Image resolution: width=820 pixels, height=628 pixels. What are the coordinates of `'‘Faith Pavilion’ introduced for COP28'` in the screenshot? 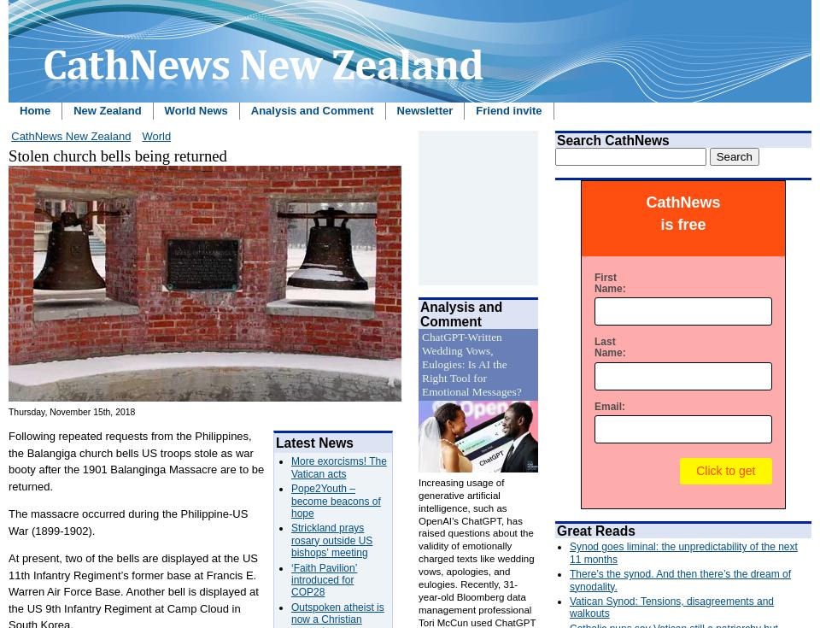 It's located at (323, 578).